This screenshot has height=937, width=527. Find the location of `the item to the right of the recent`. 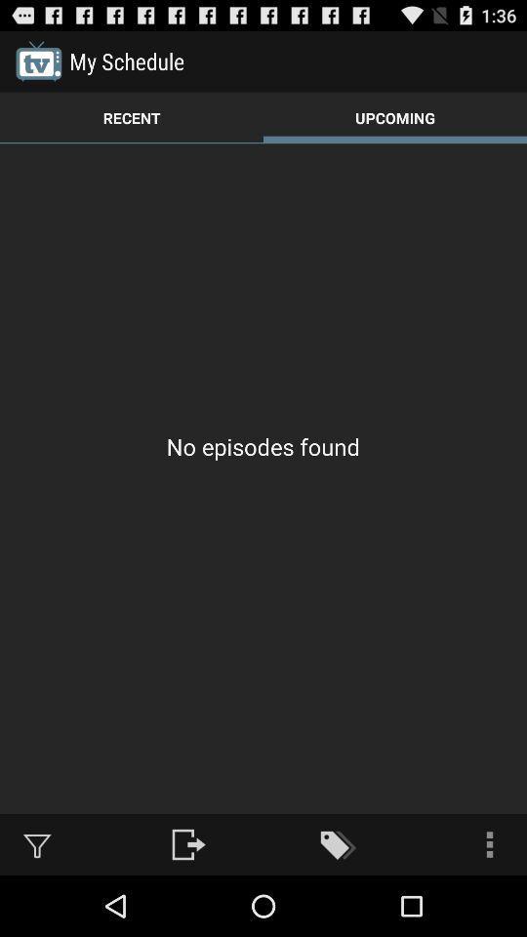

the item to the right of the recent is located at coordinates (395, 117).